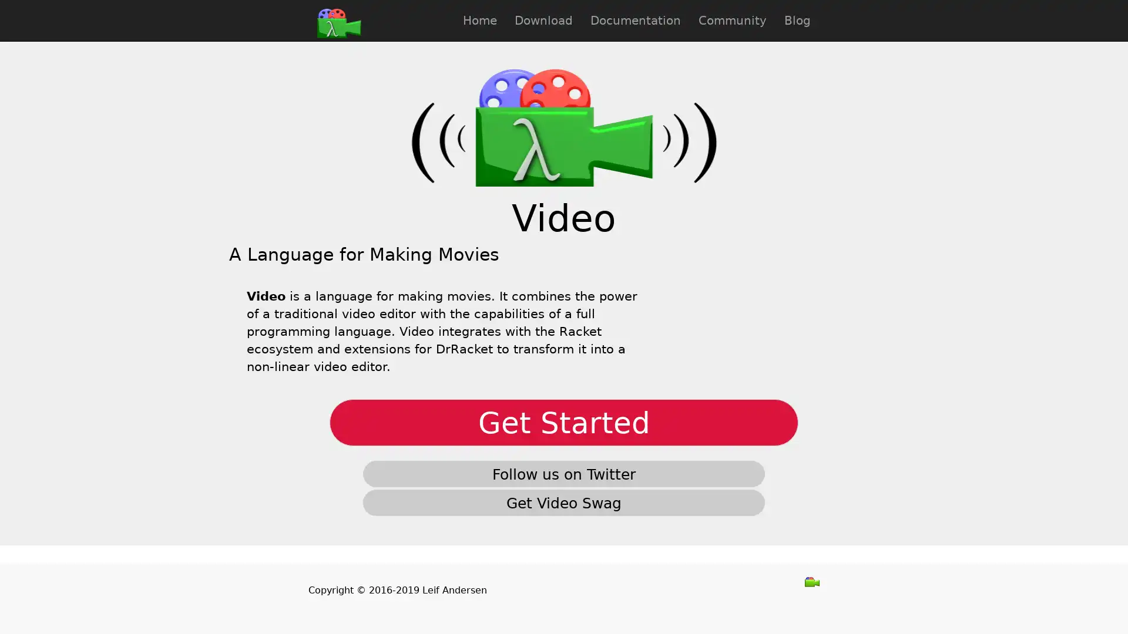 The width and height of the screenshot is (1128, 634). What do you see at coordinates (564, 473) in the screenshot?
I see `Follow us on Twitter` at bounding box center [564, 473].